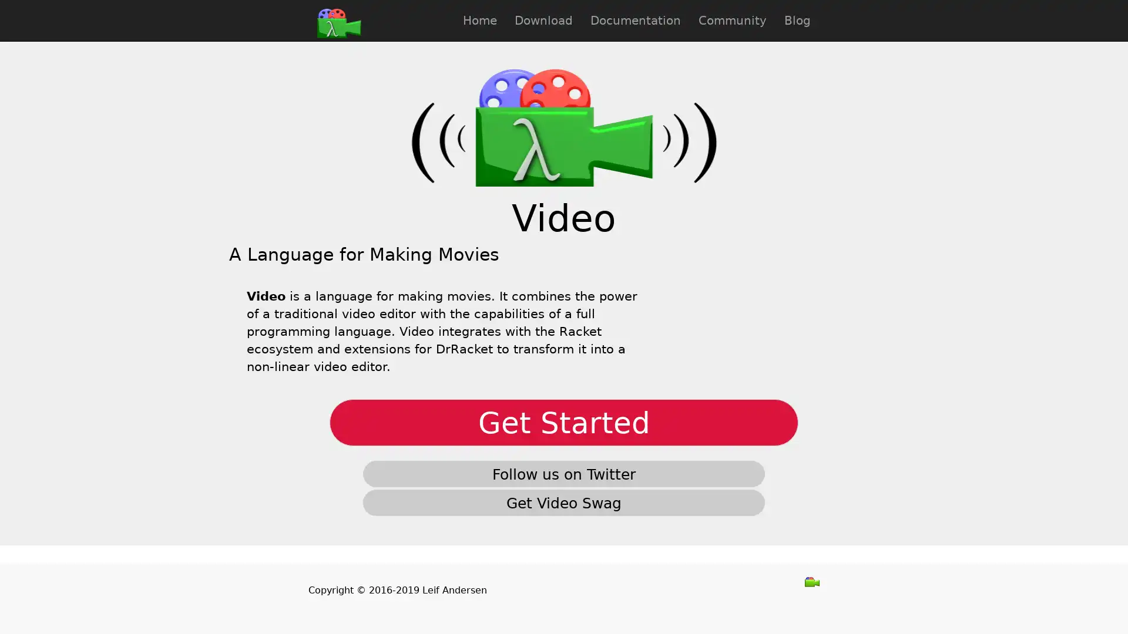 The width and height of the screenshot is (1128, 634). What do you see at coordinates (564, 473) in the screenshot?
I see `Follow us on Twitter` at bounding box center [564, 473].